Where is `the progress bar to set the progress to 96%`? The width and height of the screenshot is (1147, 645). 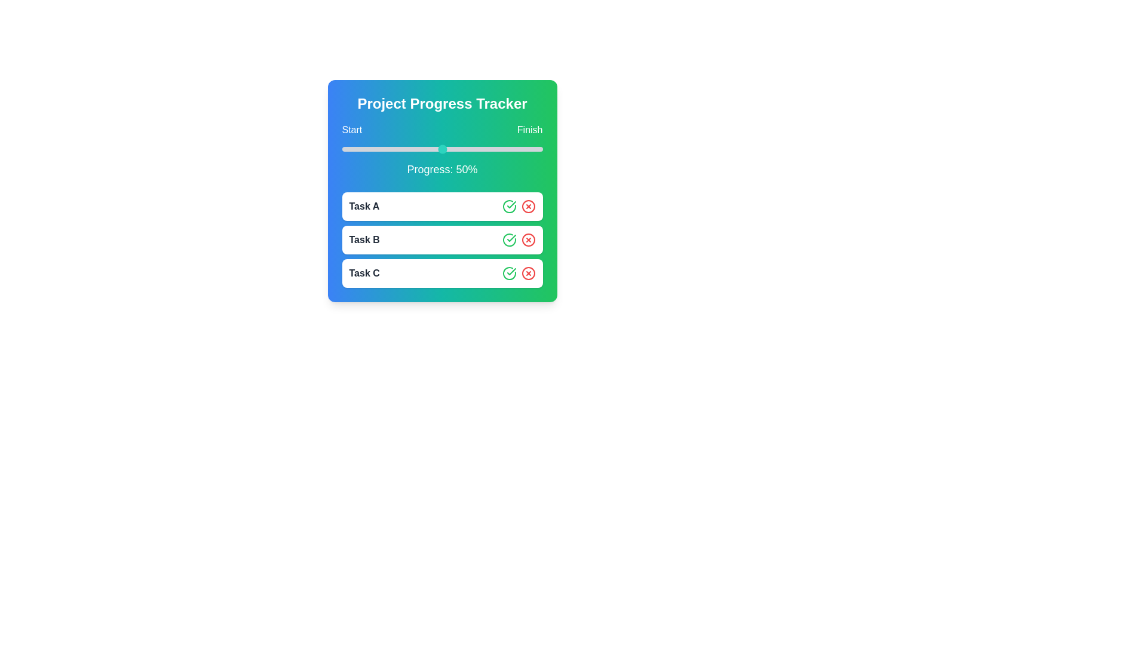
the progress bar to set the progress to 96% is located at coordinates (534, 149).